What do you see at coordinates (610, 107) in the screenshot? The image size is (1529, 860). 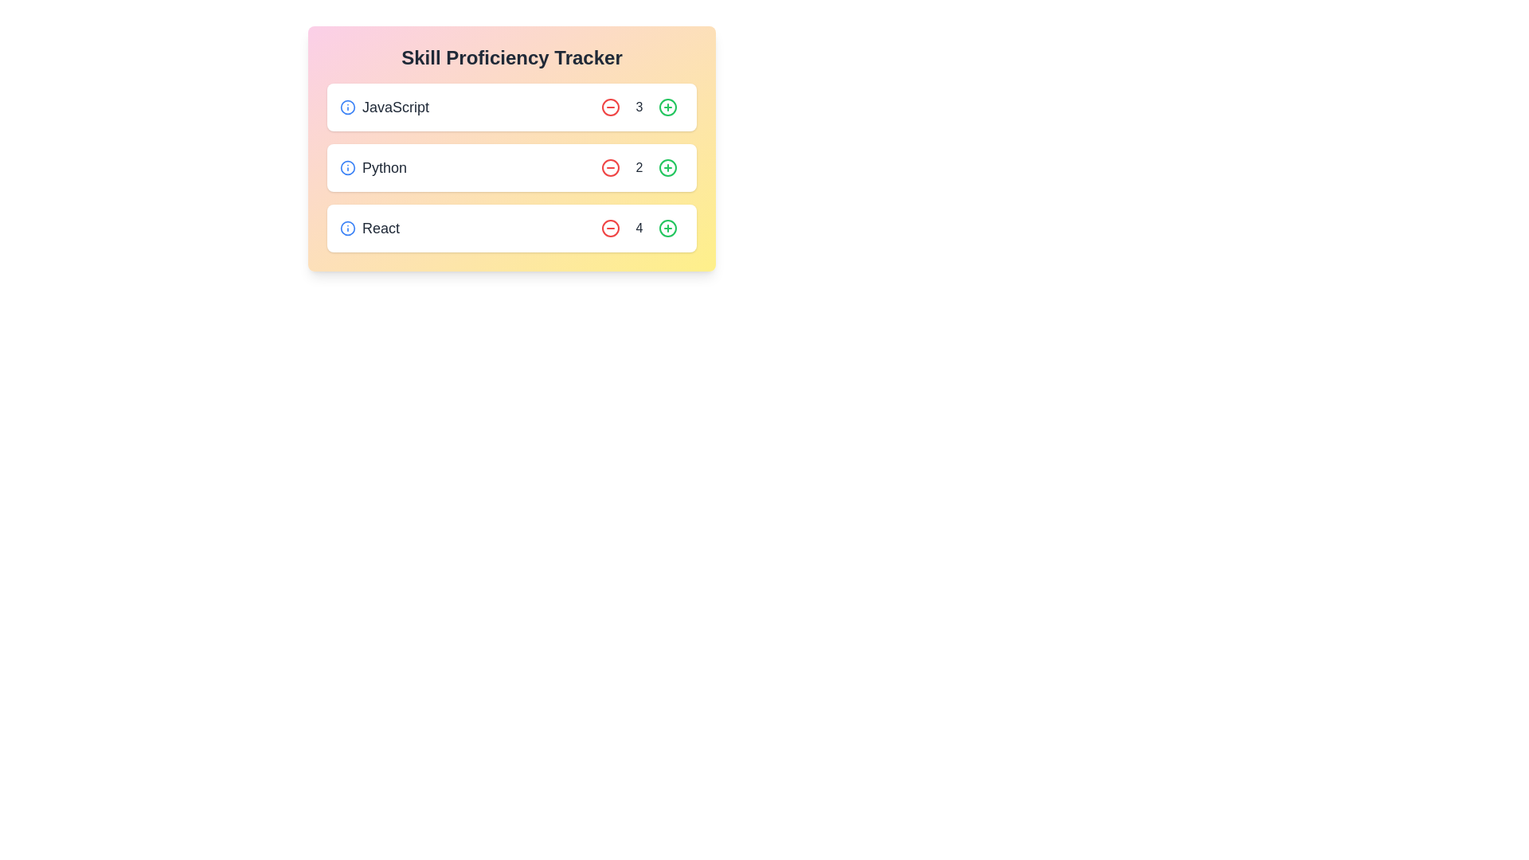 I see `minus button for the skill JavaScript to decrease its proficiency level` at bounding box center [610, 107].